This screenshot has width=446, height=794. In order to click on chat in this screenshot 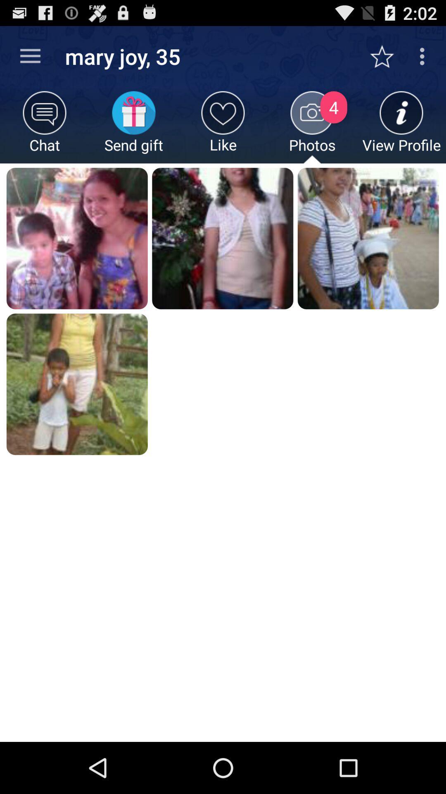, I will do `click(45, 127)`.